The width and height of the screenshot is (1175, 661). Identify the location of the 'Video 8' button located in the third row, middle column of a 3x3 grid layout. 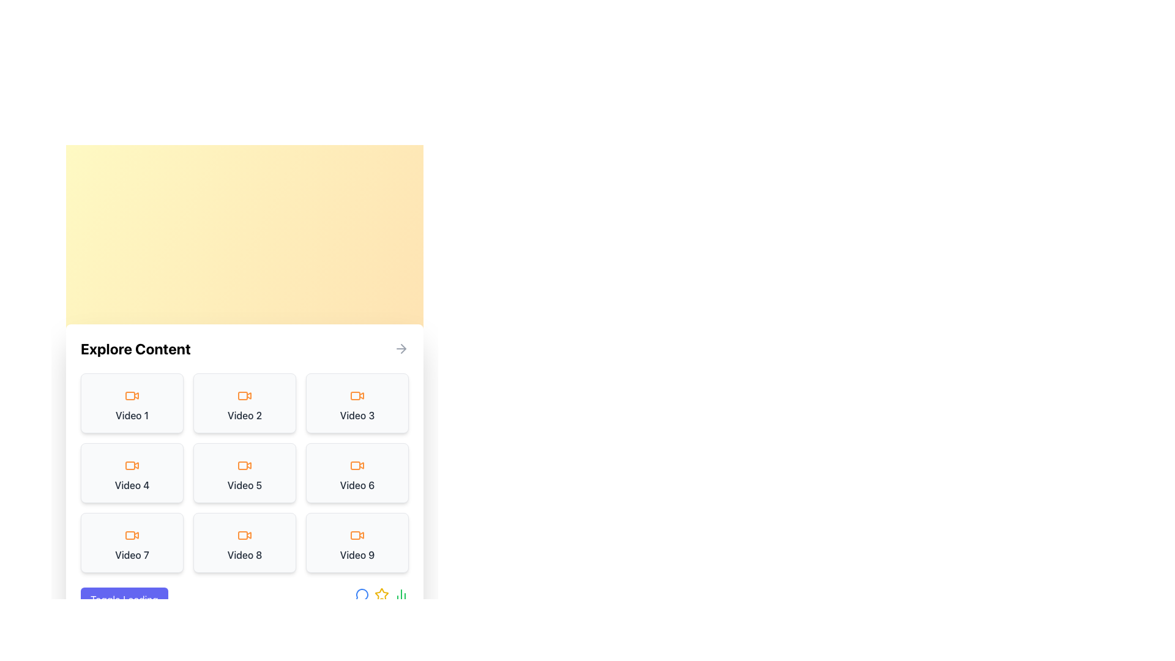
(244, 542).